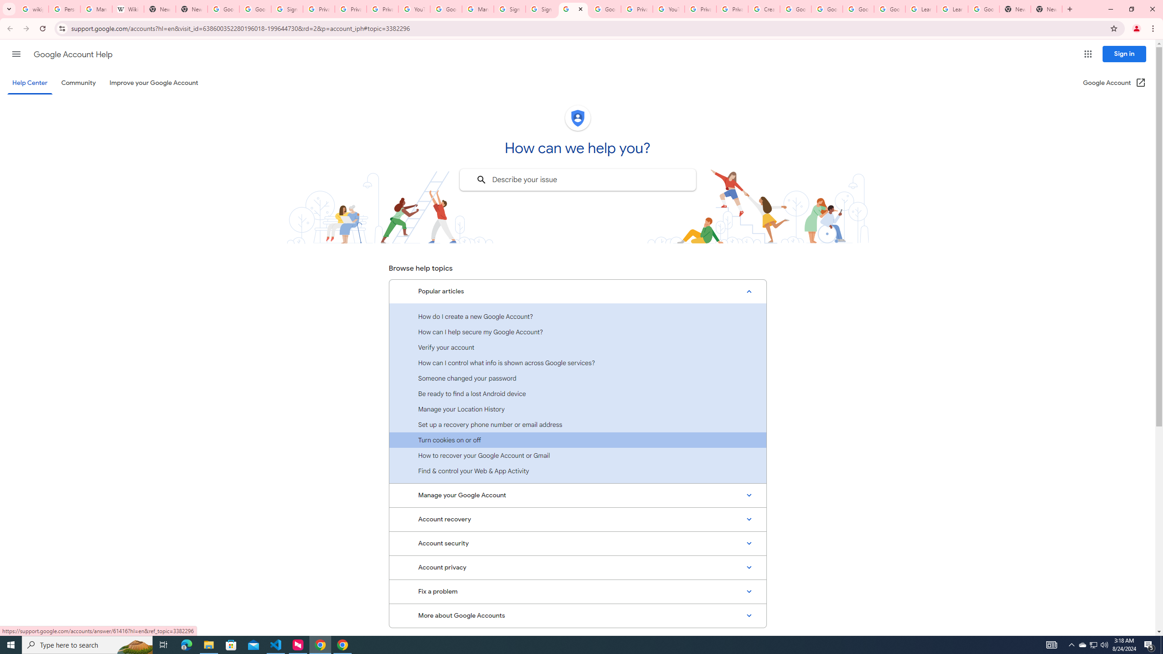  Describe the element at coordinates (577, 393) in the screenshot. I see `'Be ready to find a lost Android device'` at that location.